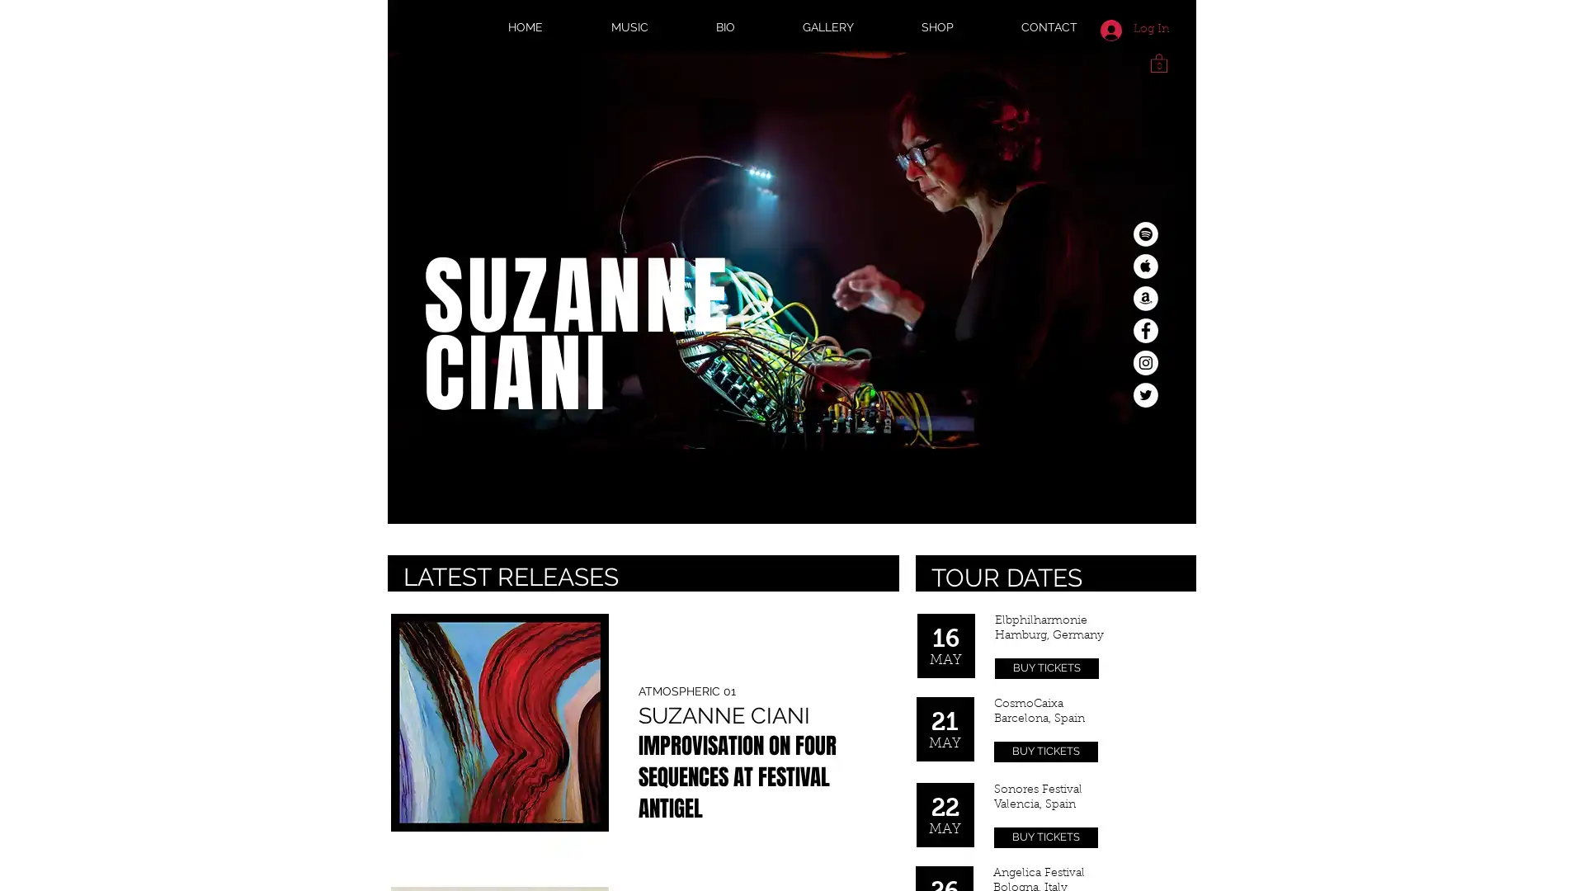 Image resolution: width=1584 pixels, height=891 pixels. I want to click on Log In, so click(1134, 29).